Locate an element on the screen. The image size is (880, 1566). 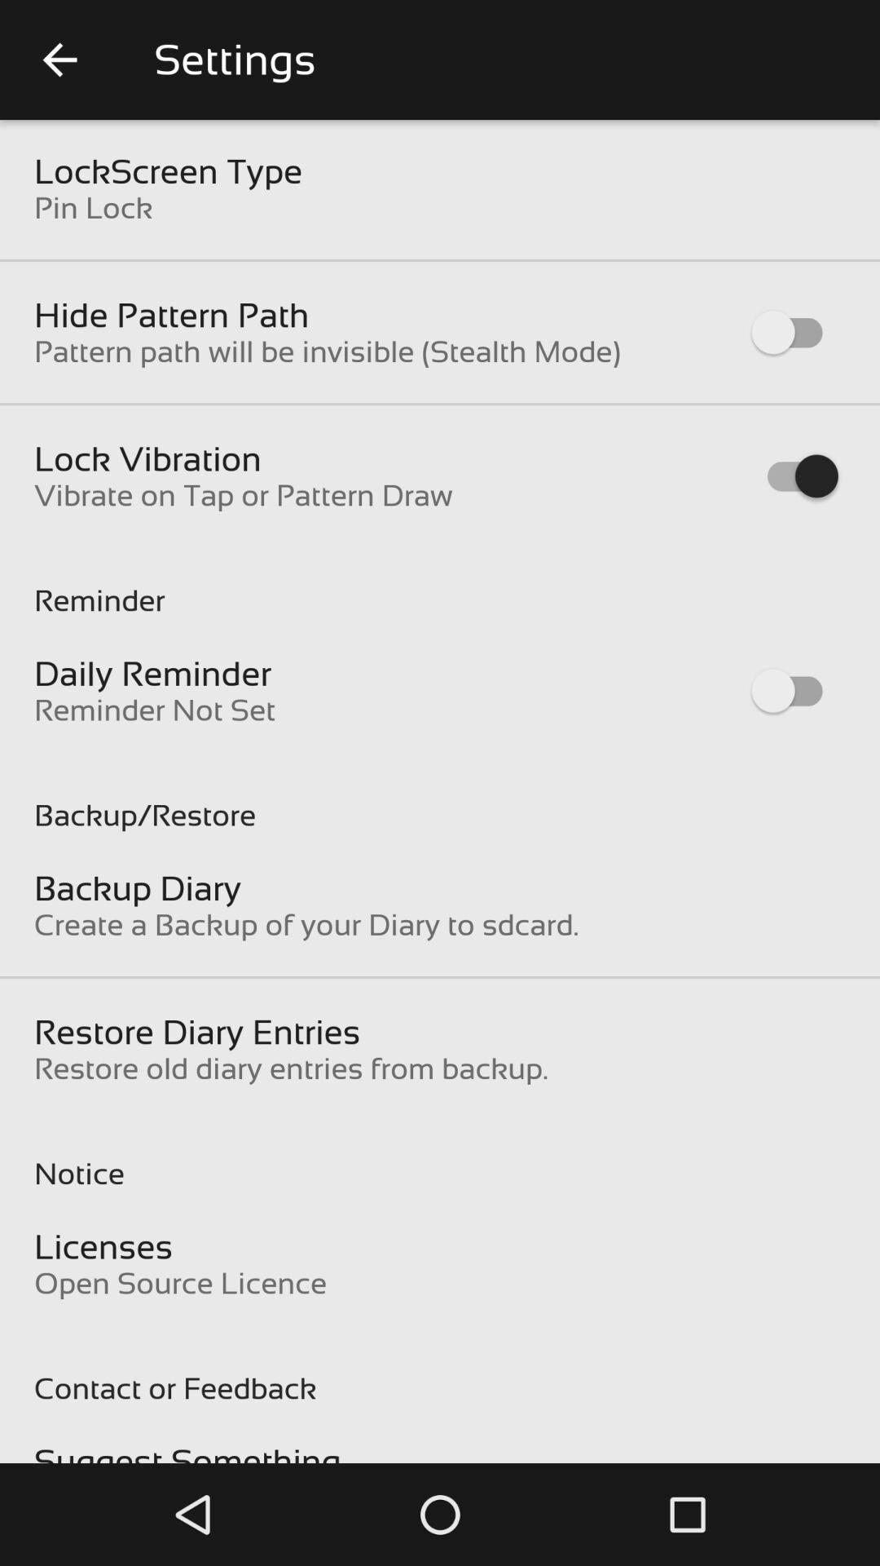
item below the reminder is located at coordinates (152, 674).